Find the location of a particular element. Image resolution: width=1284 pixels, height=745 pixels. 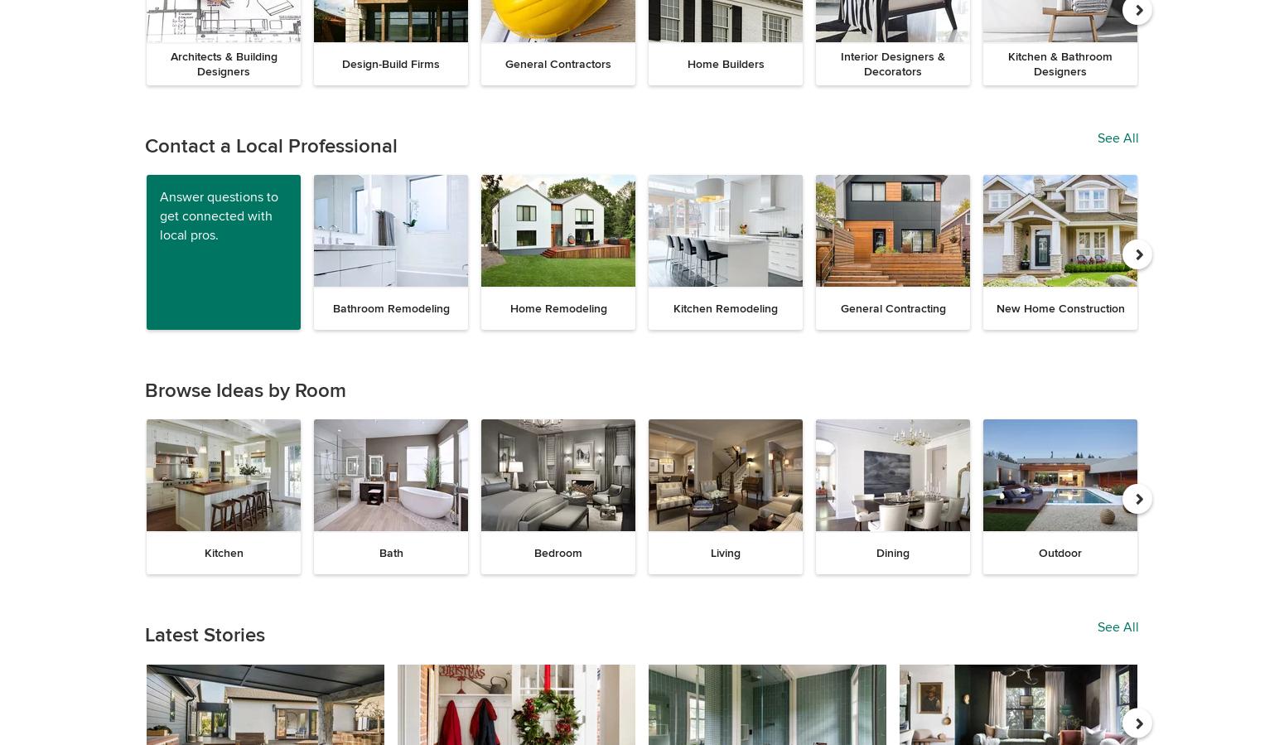

'General Contracting' is located at coordinates (892, 307).